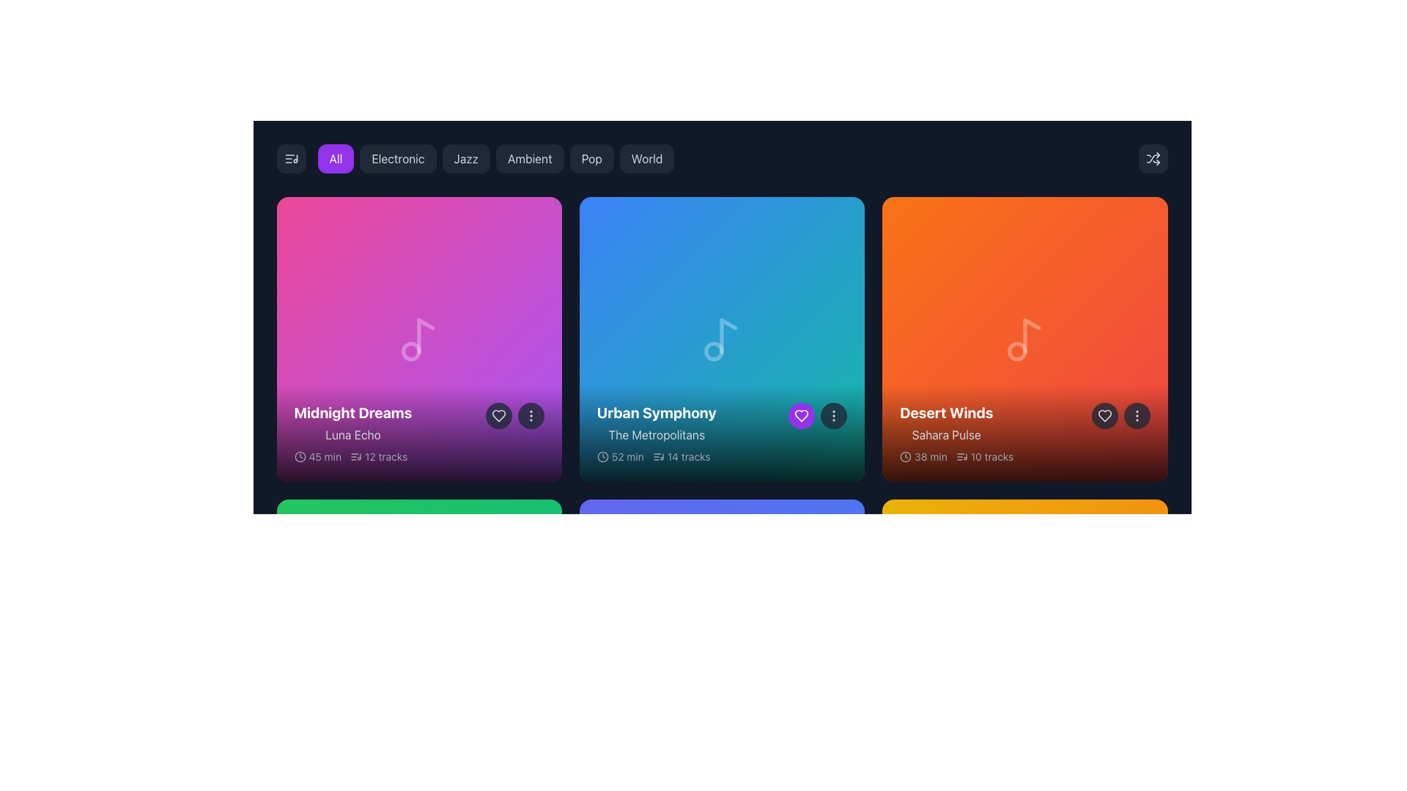 The height and width of the screenshot is (791, 1407). Describe the element at coordinates (291, 158) in the screenshot. I see `the compact icon button styled with three horizontal lines and a circular element, located on the leftmost side of the navigation row` at that location.